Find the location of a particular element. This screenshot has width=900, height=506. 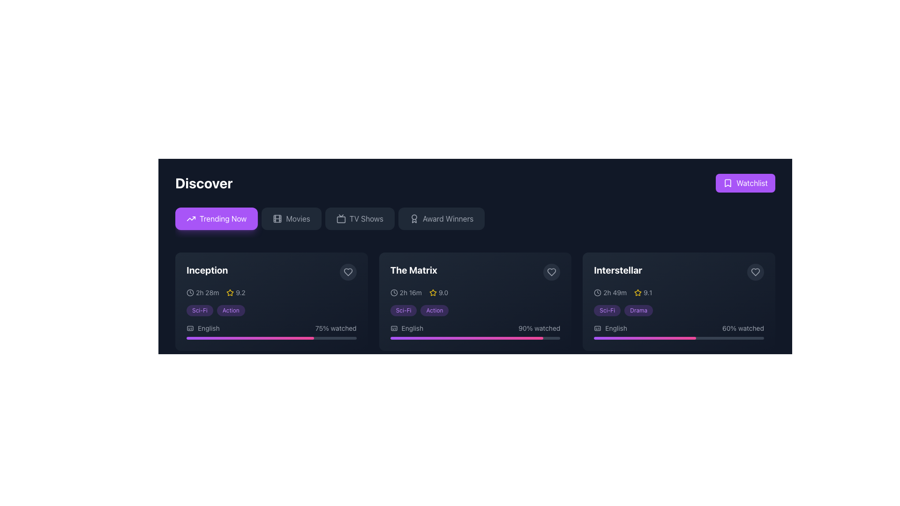

the static text label indicating subtitle language for the 'Inception' movie card, located in the lower-left portion of the card, beneath the genre tags and to the left of the progress indicator bar is located at coordinates (208, 328).